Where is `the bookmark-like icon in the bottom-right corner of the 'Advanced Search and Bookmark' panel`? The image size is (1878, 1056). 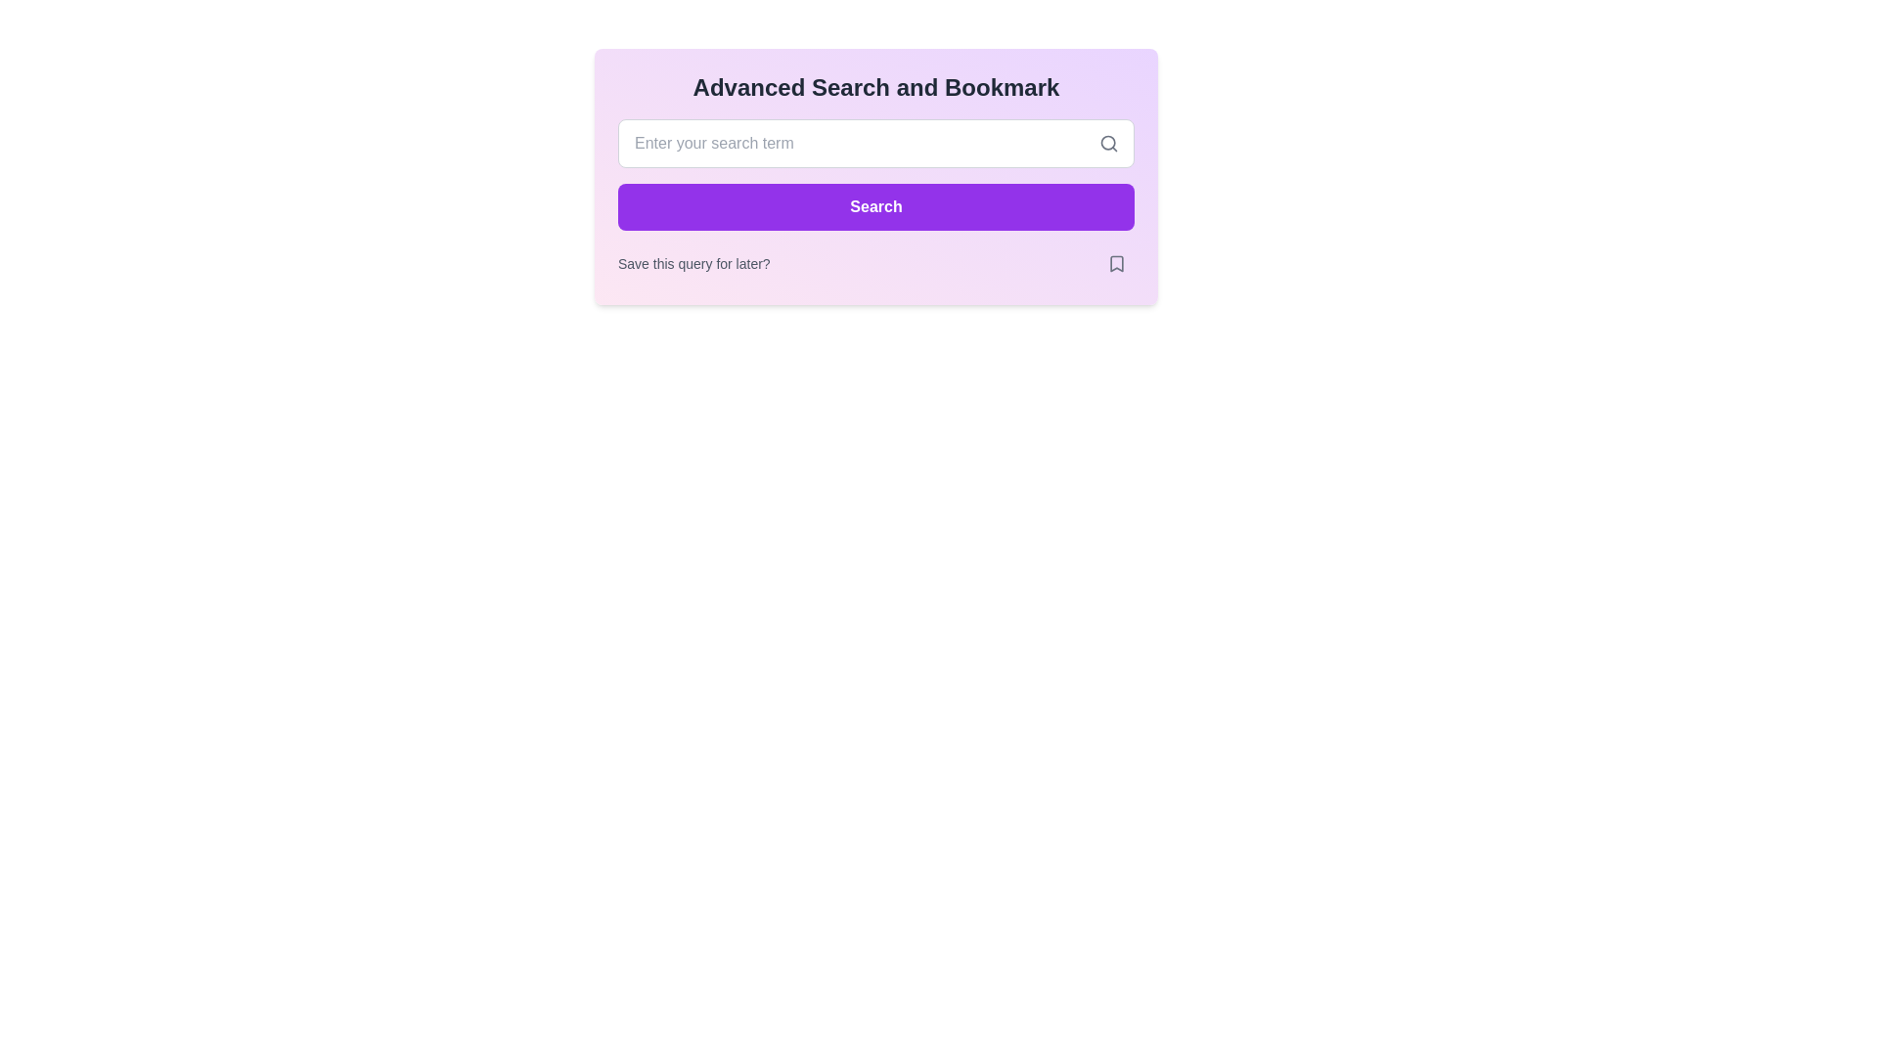 the bookmark-like icon in the bottom-right corner of the 'Advanced Search and Bookmark' panel is located at coordinates (1117, 264).